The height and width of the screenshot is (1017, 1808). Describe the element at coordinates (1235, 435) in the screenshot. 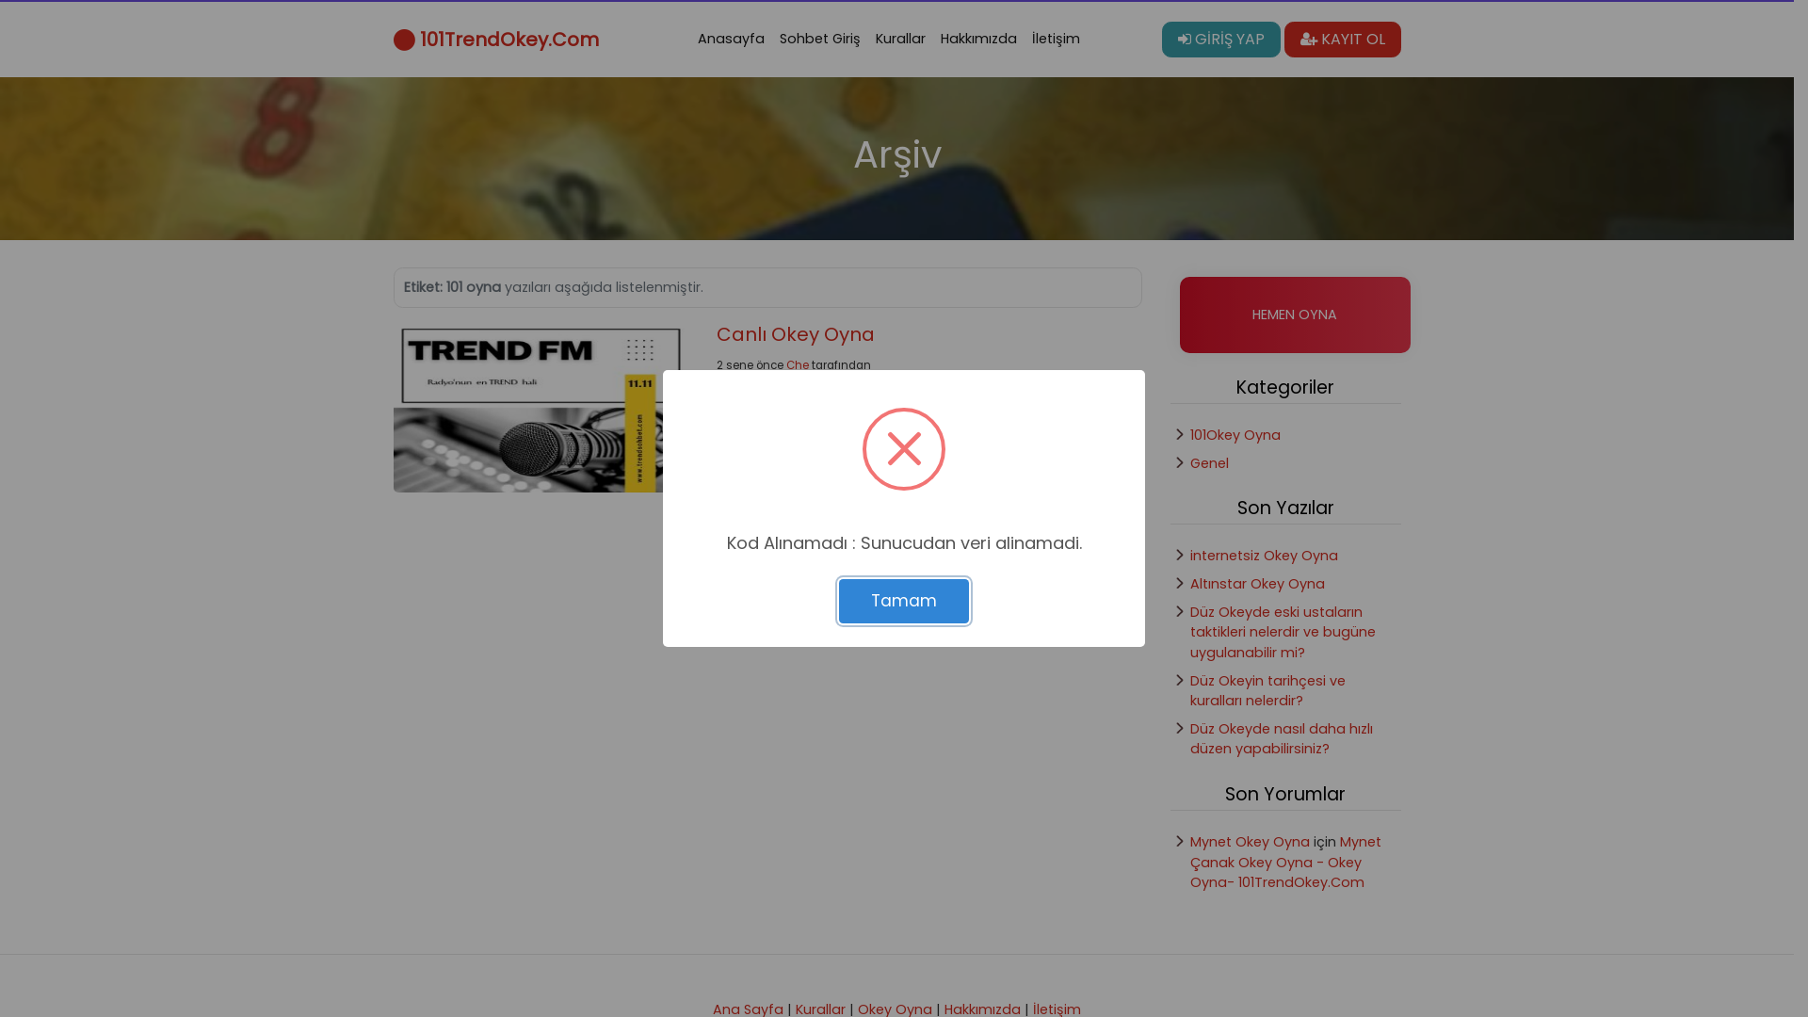

I see `'101Okey Oyna'` at that location.